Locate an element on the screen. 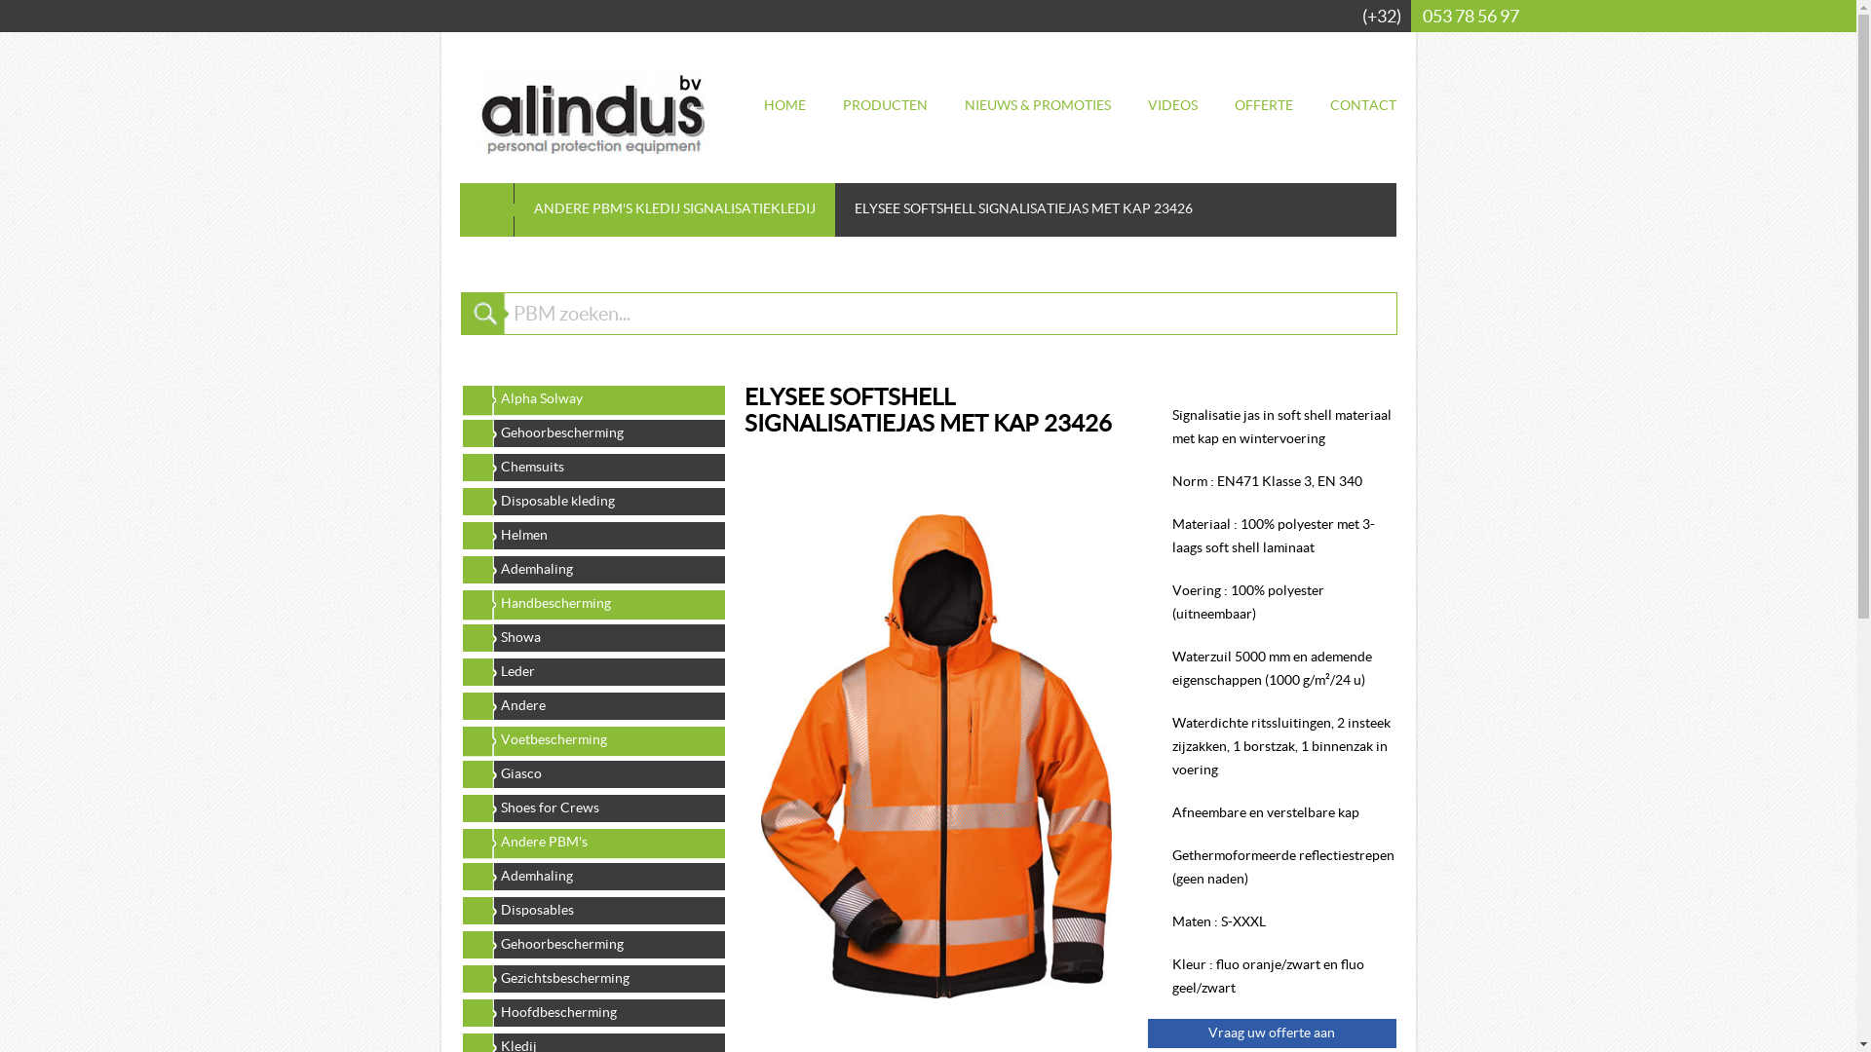 The width and height of the screenshot is (1871, 1052). 'OFFERTE' is located at coordinates (1263, 105).